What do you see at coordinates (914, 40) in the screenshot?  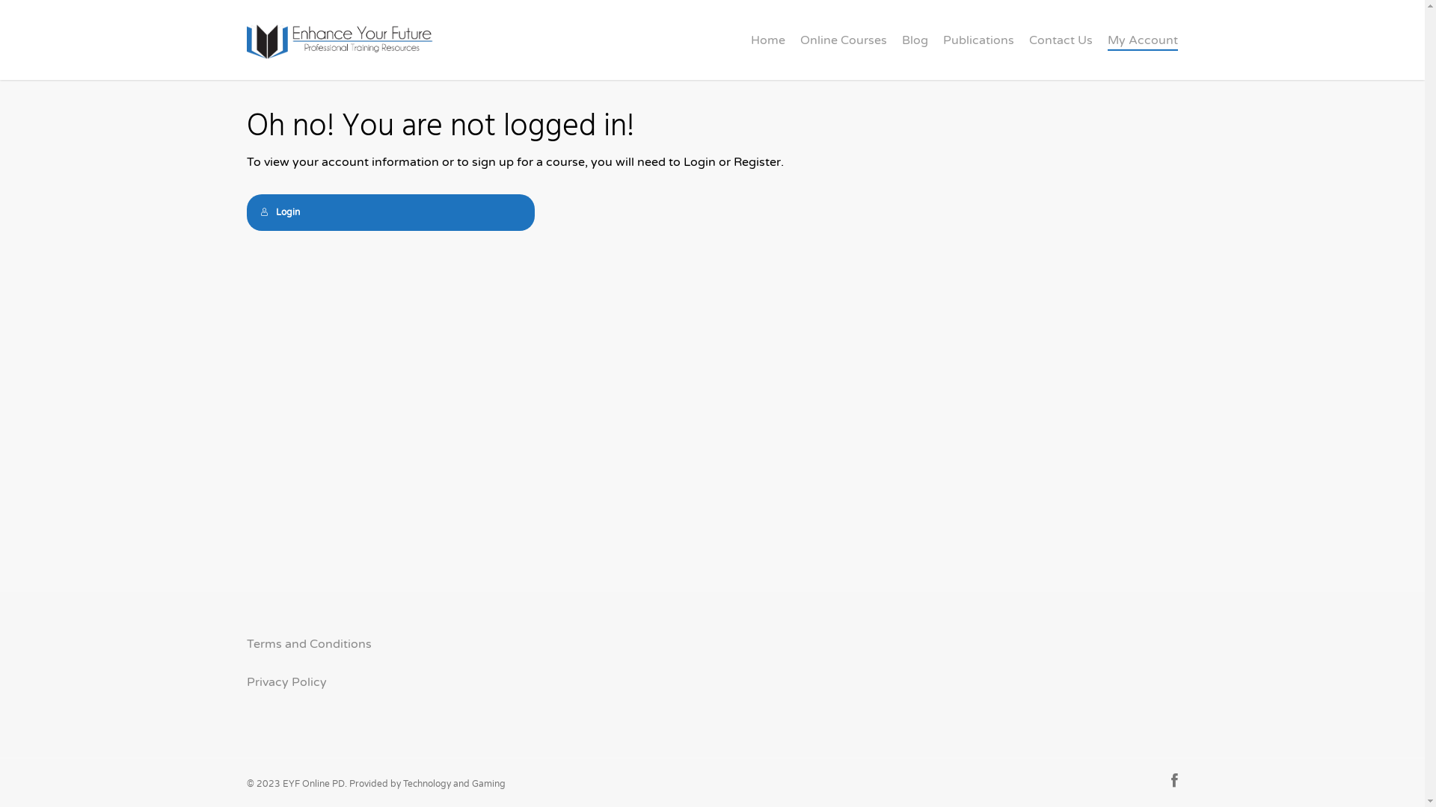 I see `'Blog'` at bounding box center [914, 40].